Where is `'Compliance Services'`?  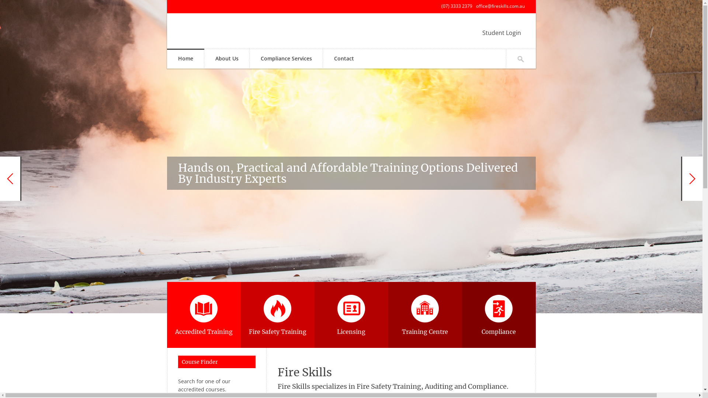 'Compliance Services' is located at coordinates (285, 59).